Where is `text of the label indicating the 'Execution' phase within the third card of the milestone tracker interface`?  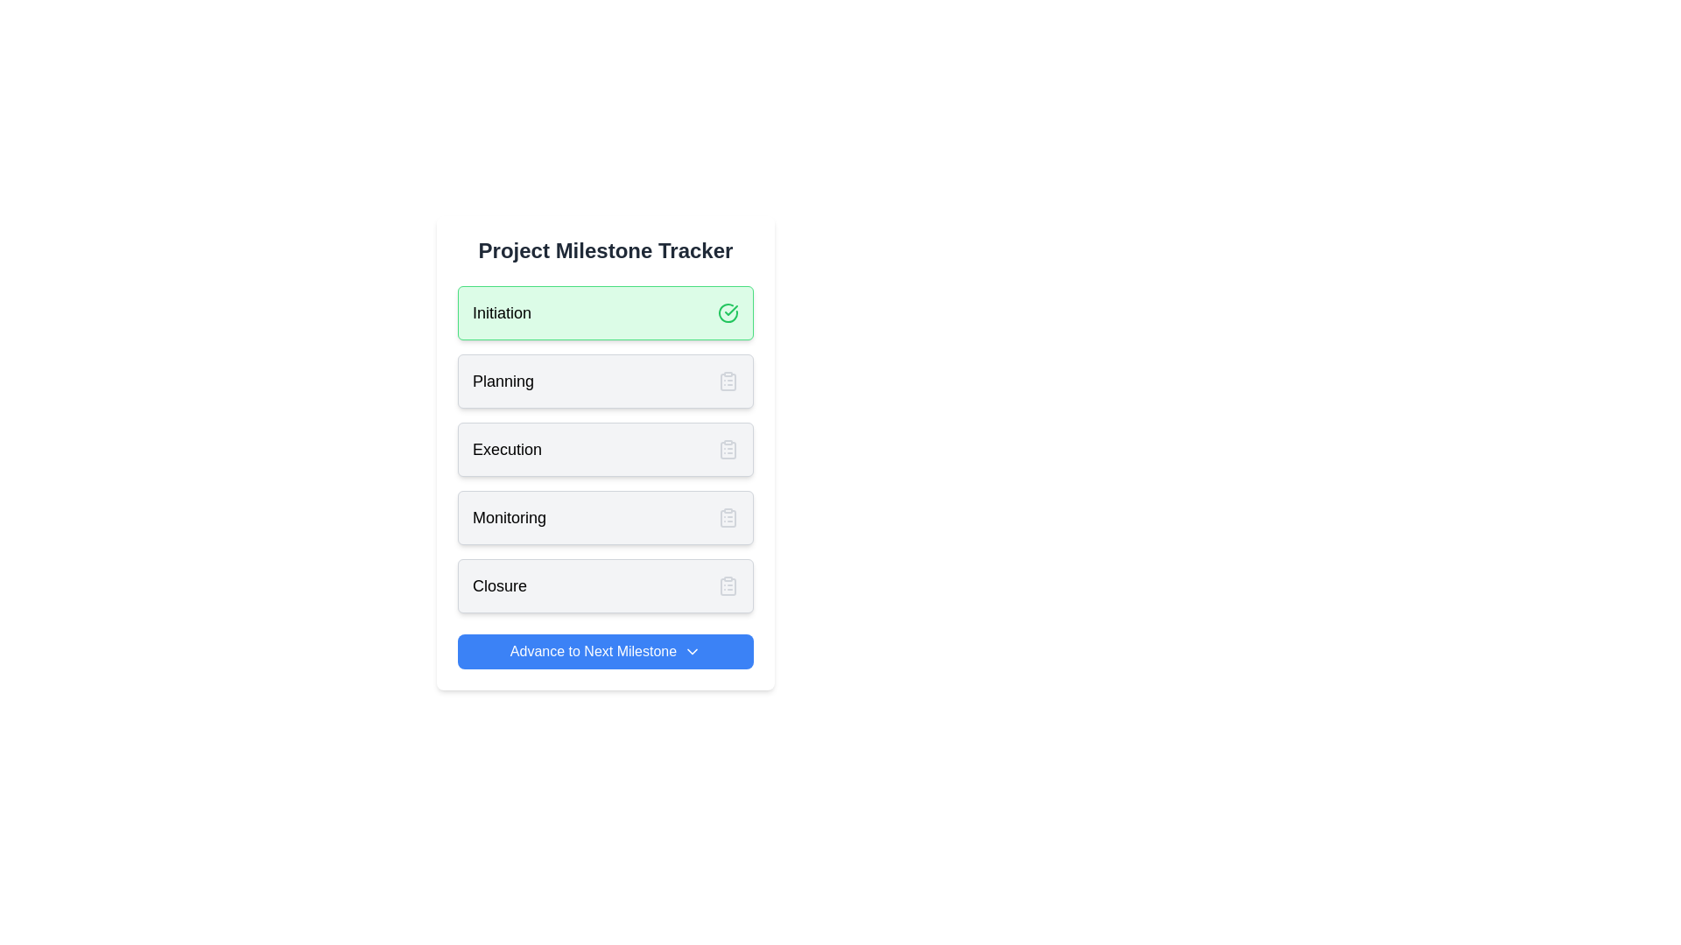 text of the label indicating the 'Execution' phase within the third card of the milestone tracker interface is located at coordinates (506, 448).